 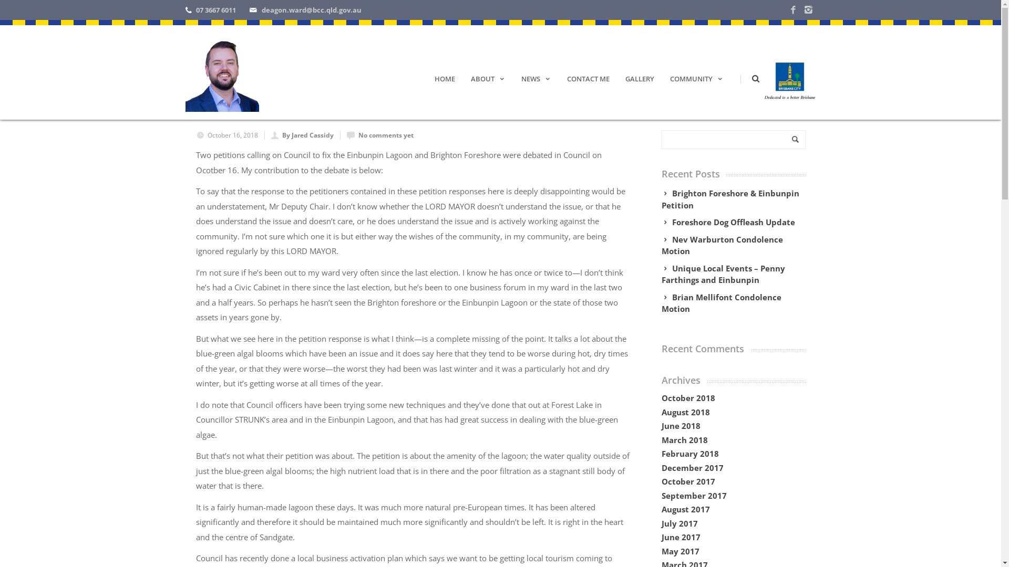 I want to click on 'May 2017', so click(x=680, y=550).